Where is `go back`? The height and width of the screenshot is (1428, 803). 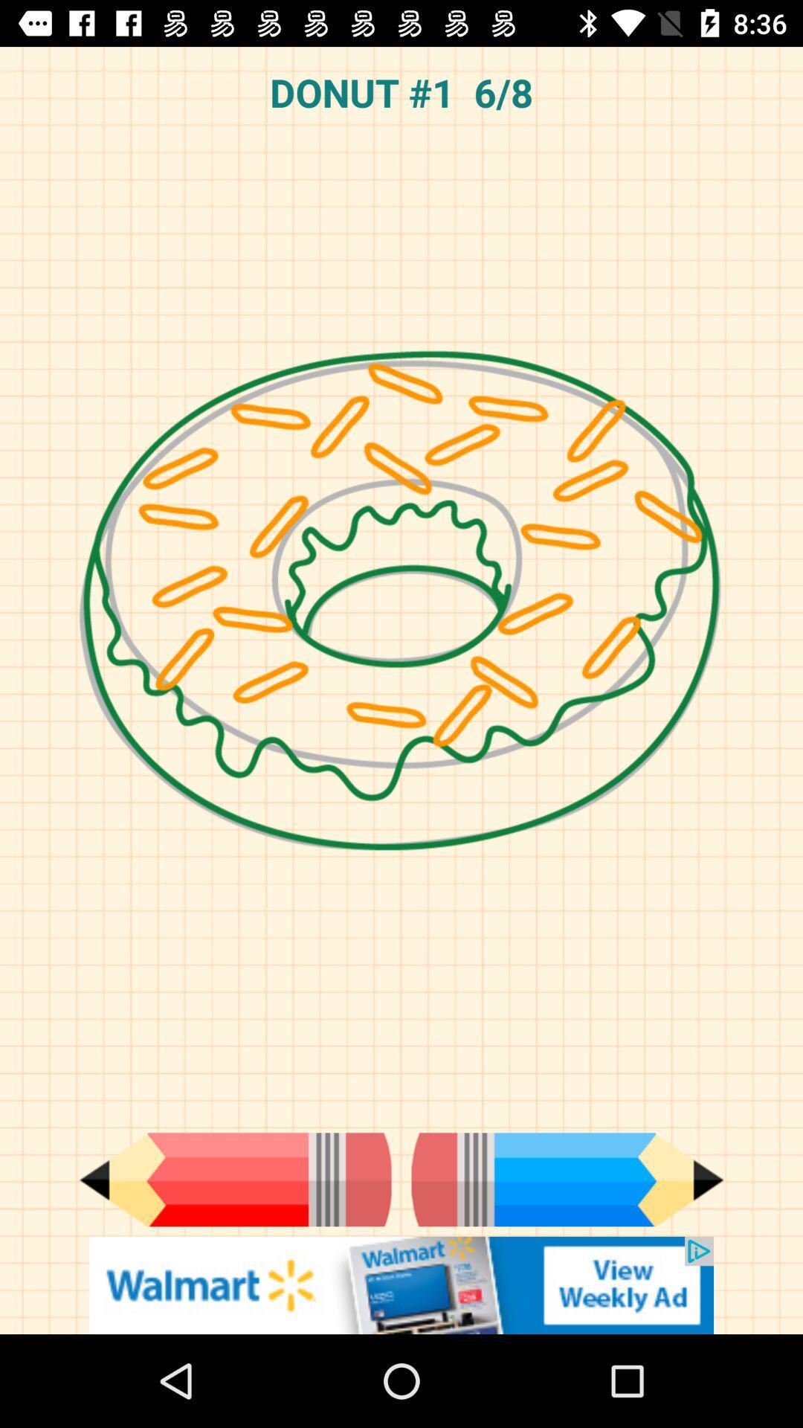 go back is located at coordinates (234, 1179).